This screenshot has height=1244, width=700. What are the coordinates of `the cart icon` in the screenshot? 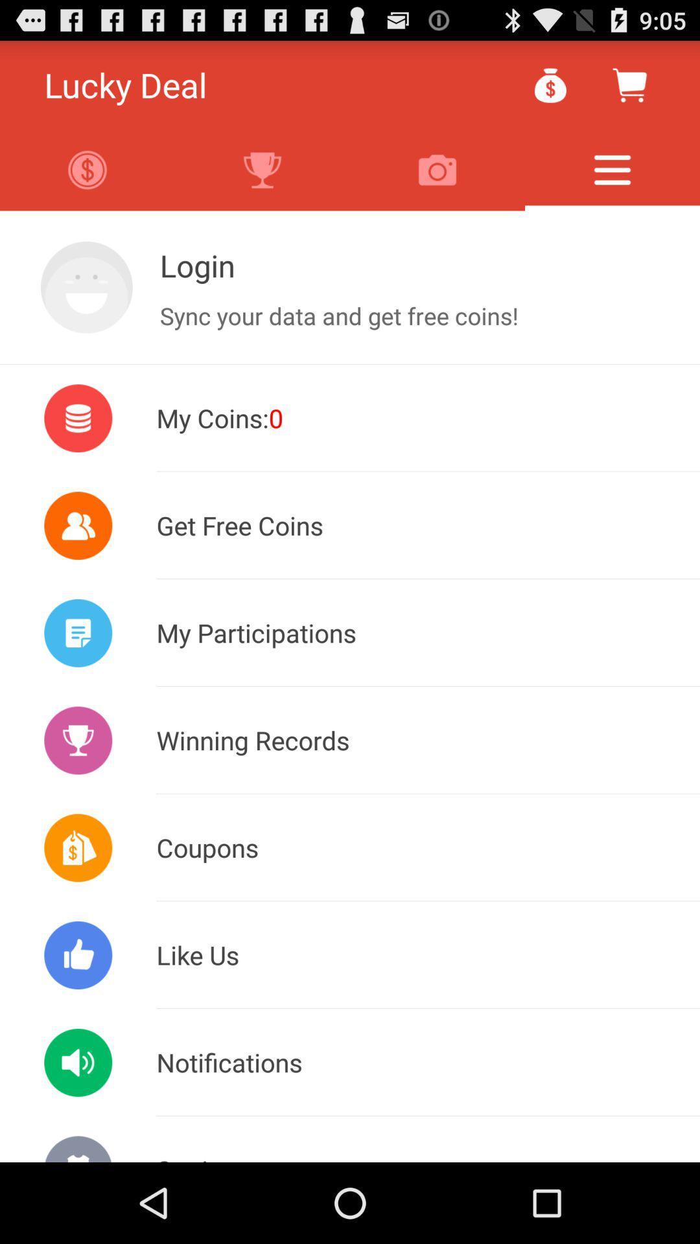 It's located at (629, 90).